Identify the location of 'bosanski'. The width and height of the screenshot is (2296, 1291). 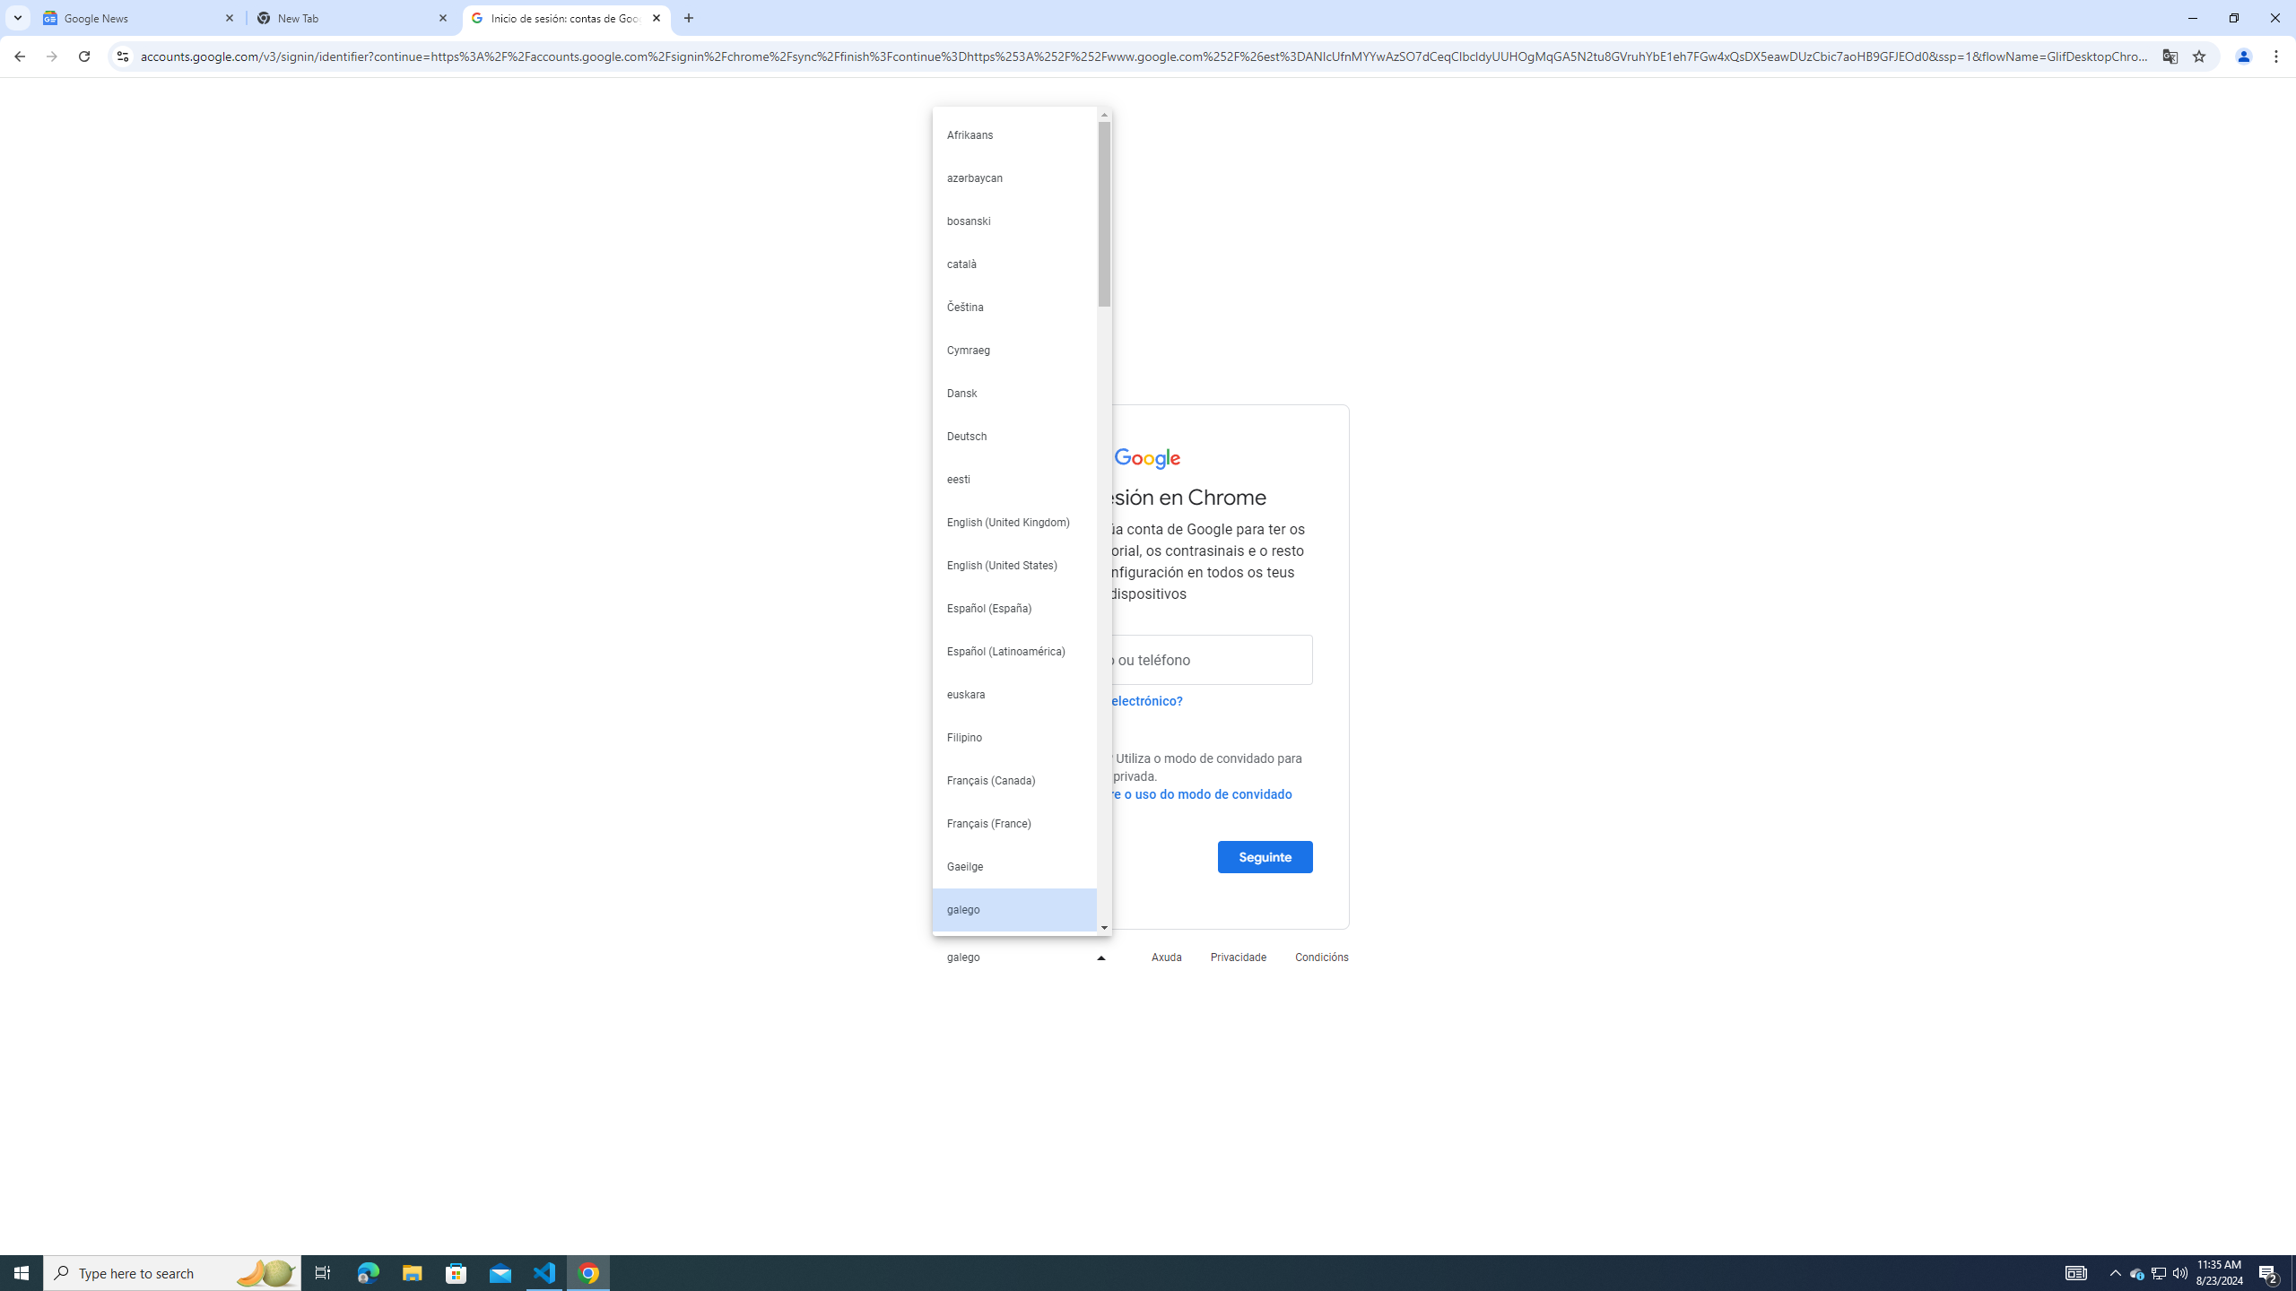
(1013, 220).